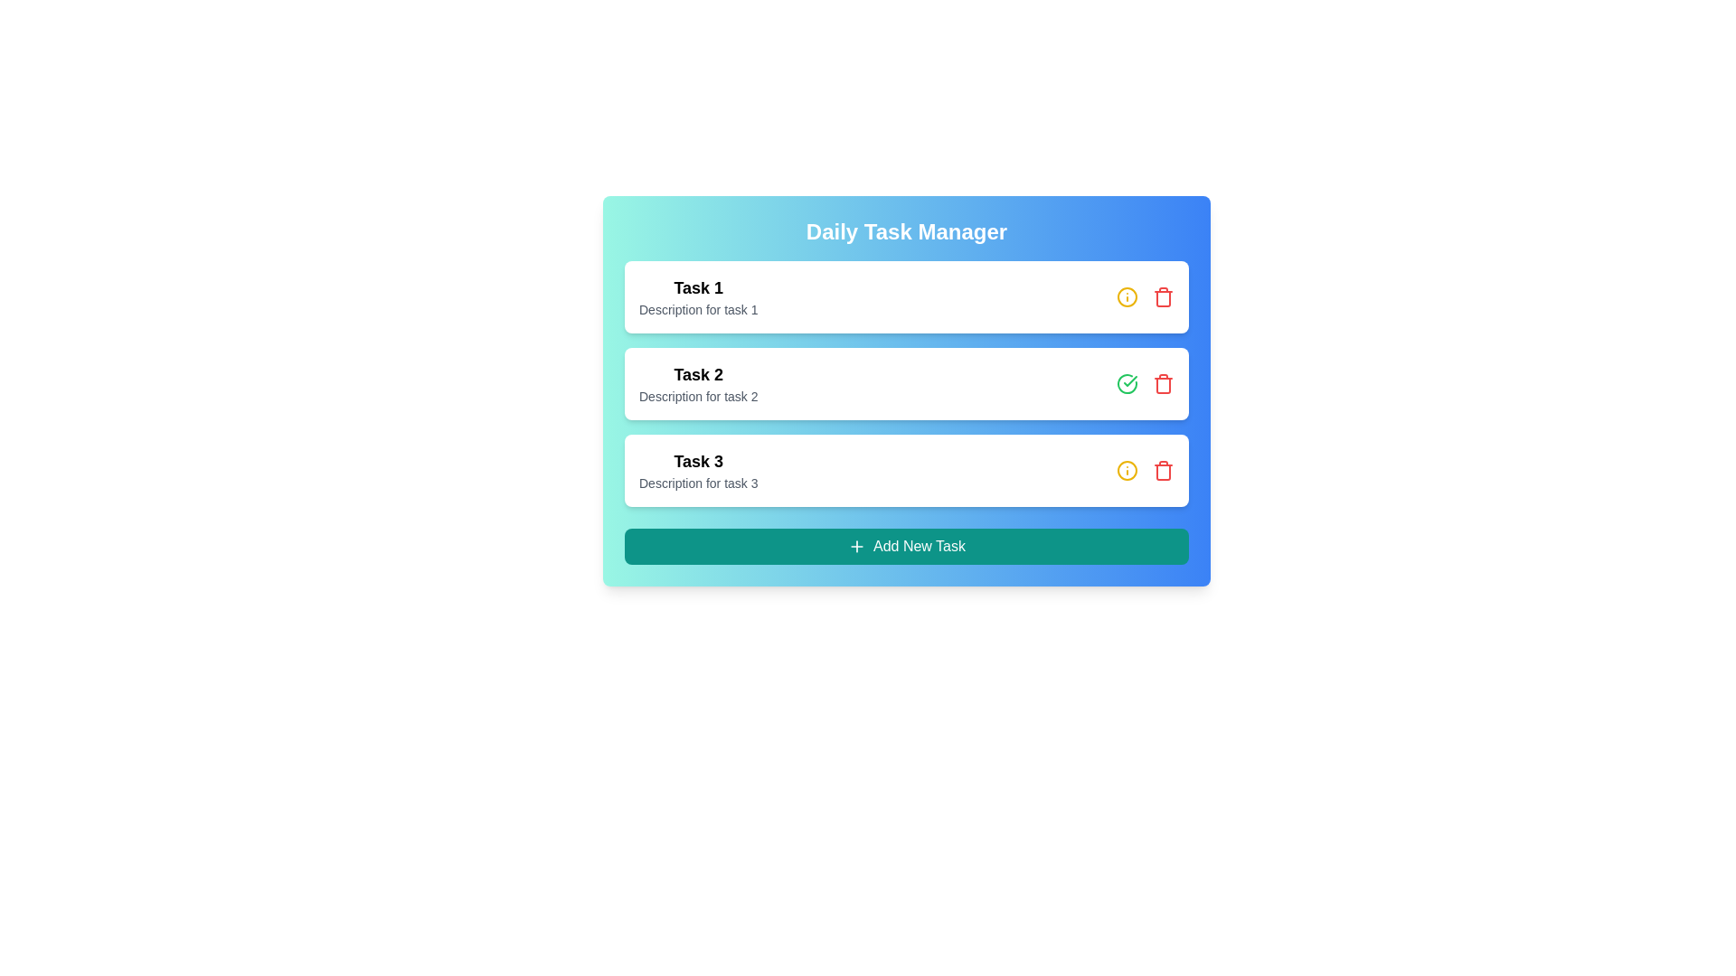  Describe the element at coordinates (907, 546) in the screenshot. I see `'Add New Task' button to initiate the process of adding a new task` at that location.